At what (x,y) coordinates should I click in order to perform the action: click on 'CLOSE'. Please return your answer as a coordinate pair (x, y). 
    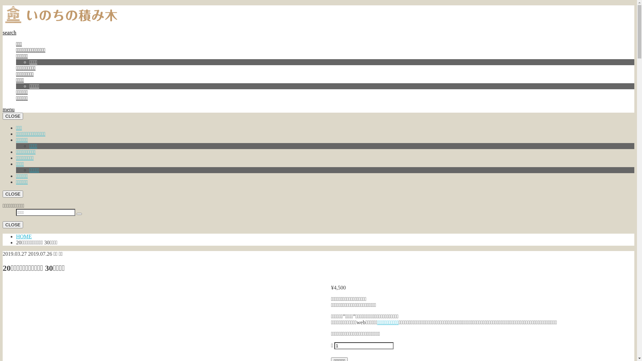
    Looking at the image, I should click on (13, 225).